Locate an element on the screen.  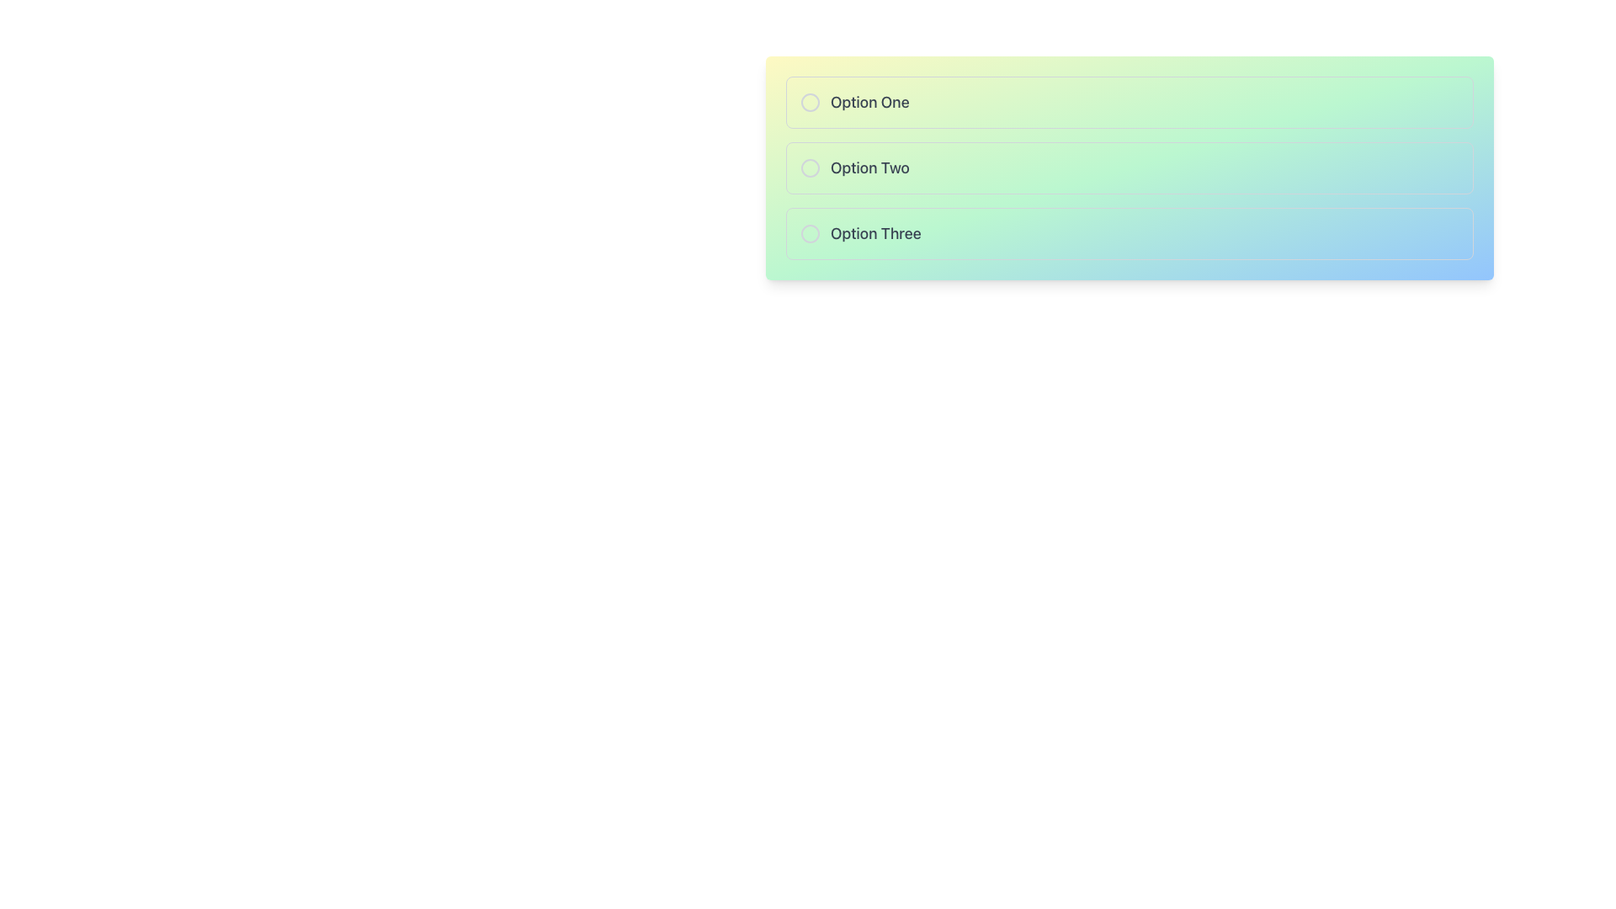
the circular selection control adjacent to the text label for the second selectable option is located at coordinates (869, 168).